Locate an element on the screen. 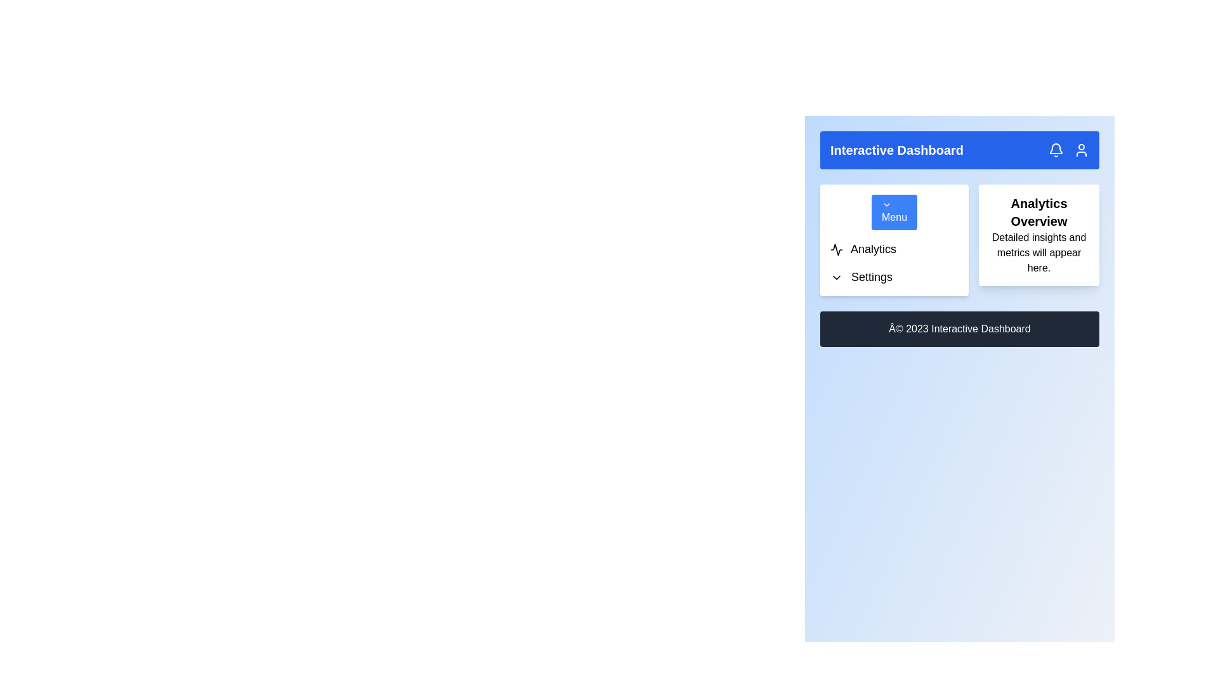 The image size is (1218, 685). the dropdown button located in the top right of the interface is located at coordinates (894, 212).